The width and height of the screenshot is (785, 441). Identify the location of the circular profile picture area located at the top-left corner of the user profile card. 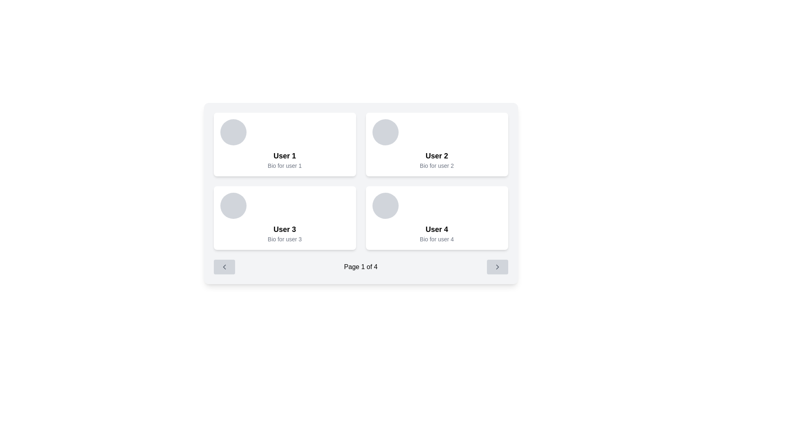
(385, 205).